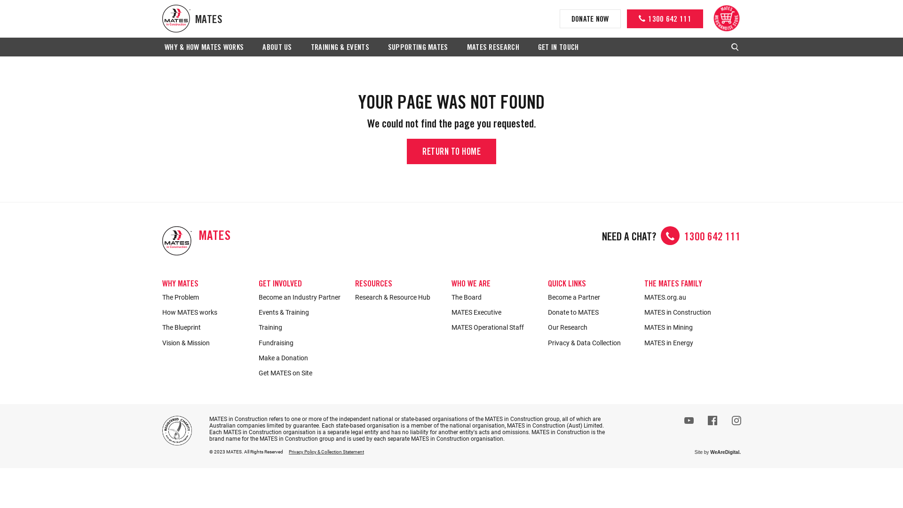 The width and height of the screenshot is (903, 508). What do you see at coordinates (302, 326) in the screenshot?
I see `'Training'` at bounding box center [302, 326].